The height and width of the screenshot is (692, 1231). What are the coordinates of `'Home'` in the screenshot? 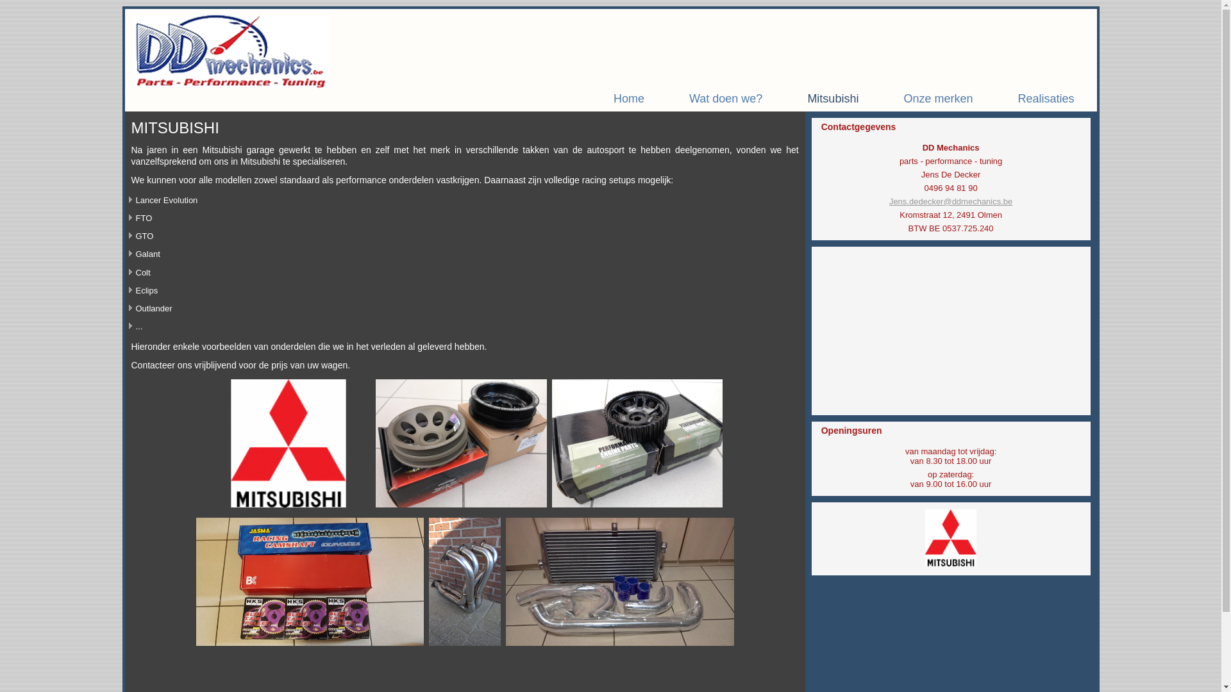 It's located at (590, 98).